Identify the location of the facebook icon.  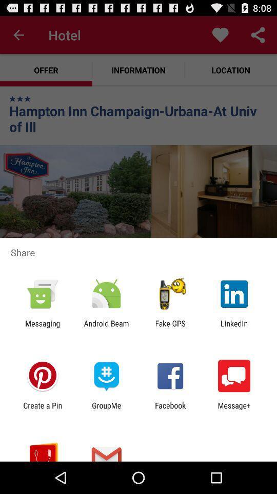
(170, 410).